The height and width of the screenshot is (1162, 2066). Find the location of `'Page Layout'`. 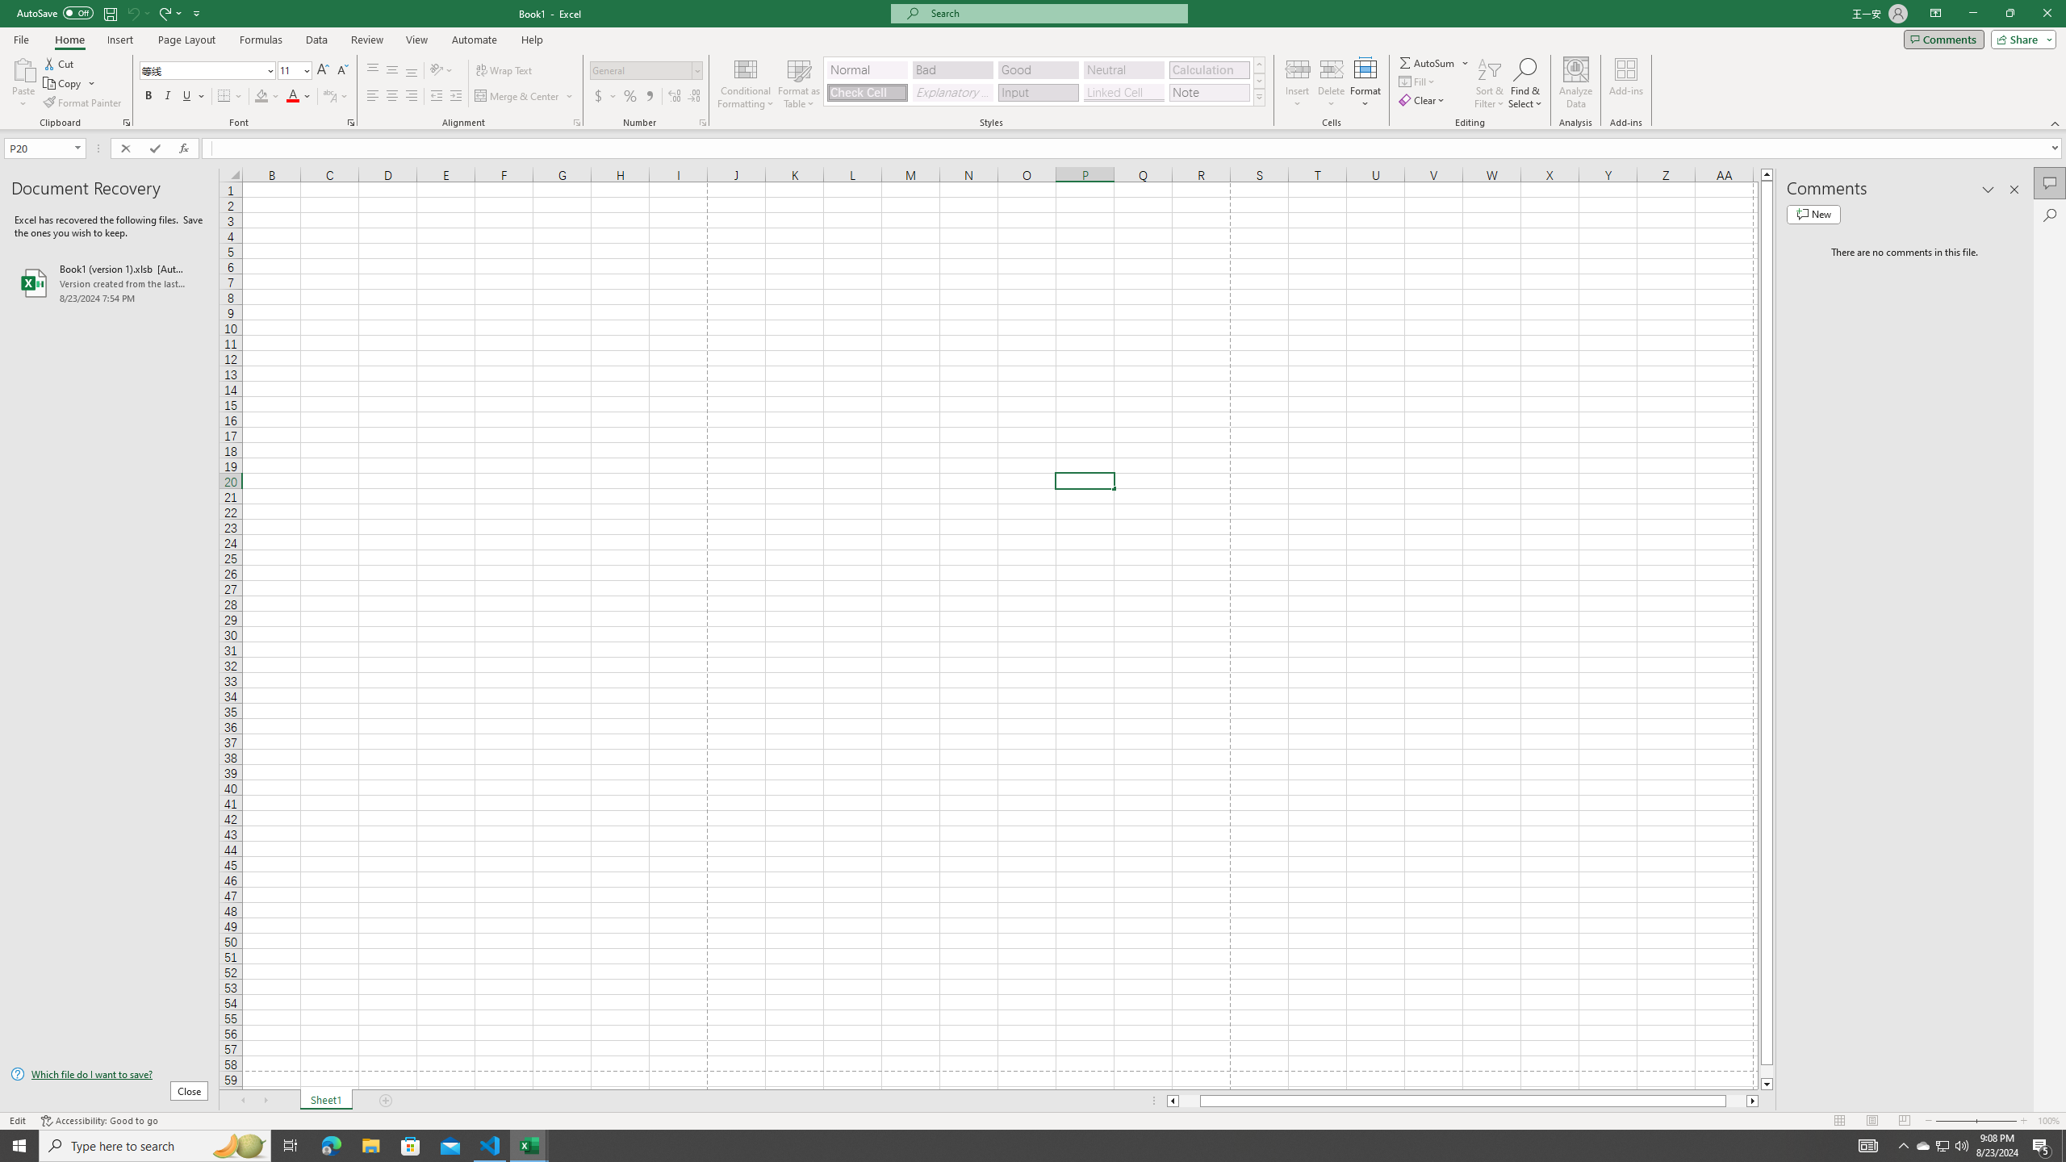

'Page Layout' is located at coordinates (186, 40).